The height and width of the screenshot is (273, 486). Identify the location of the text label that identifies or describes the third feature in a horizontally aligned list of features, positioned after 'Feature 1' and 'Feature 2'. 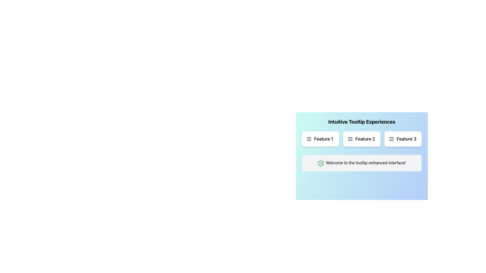
(407, 139).